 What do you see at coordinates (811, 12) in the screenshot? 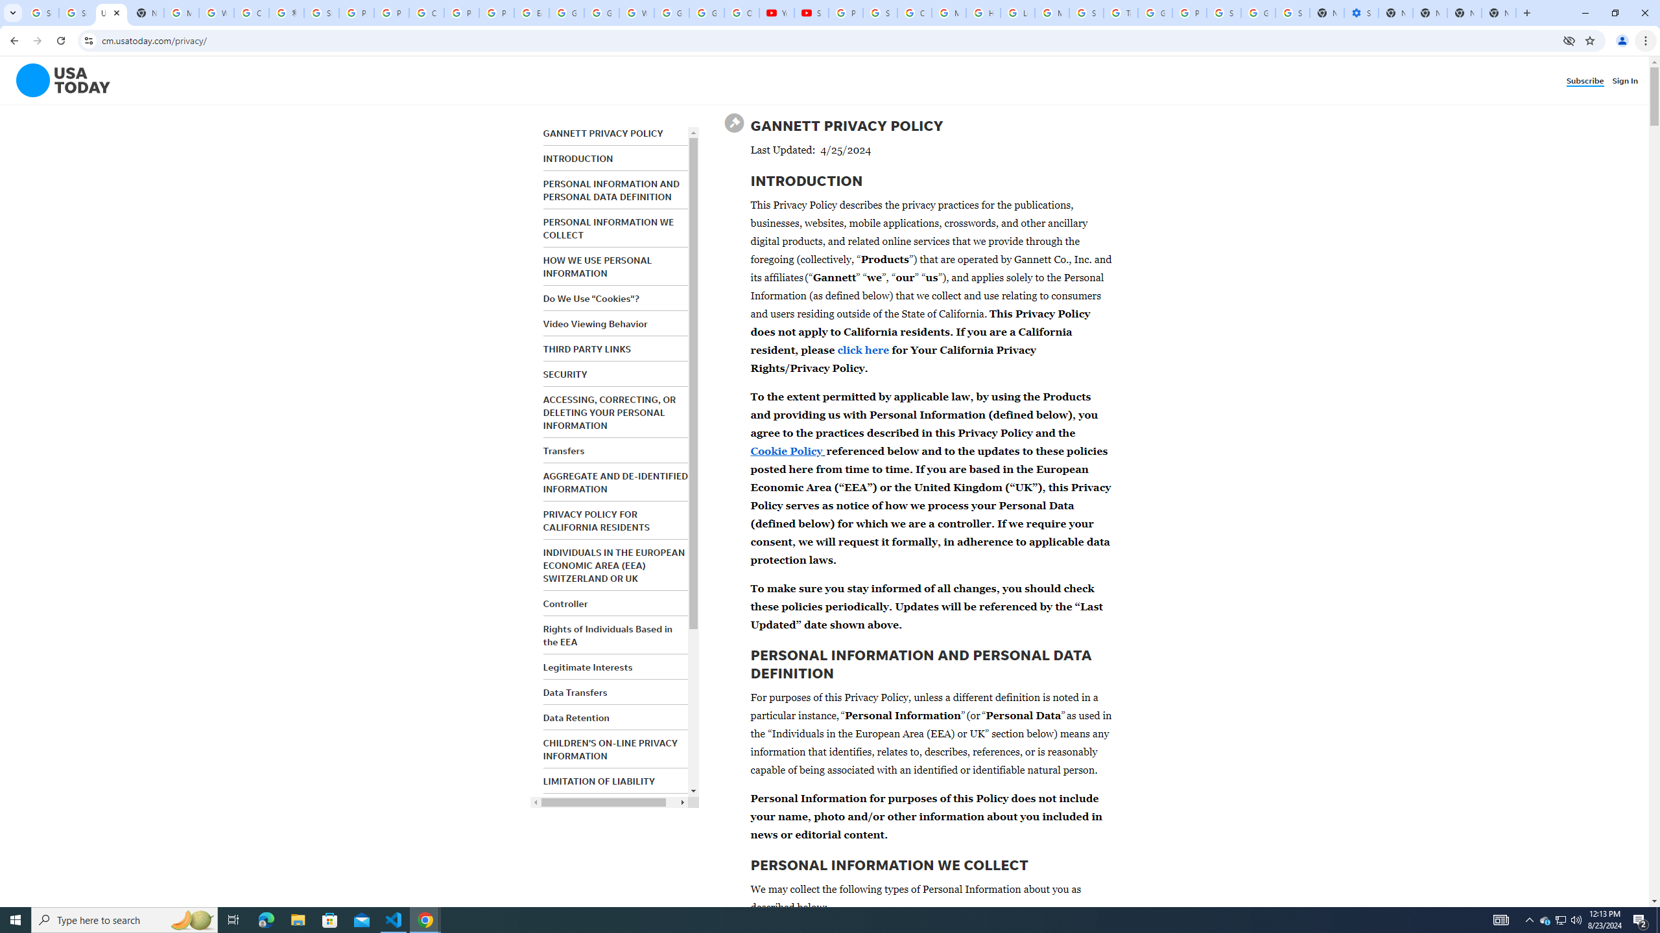
I see `'Subscriptions - YouTube'` at bounding box center [811, 12].